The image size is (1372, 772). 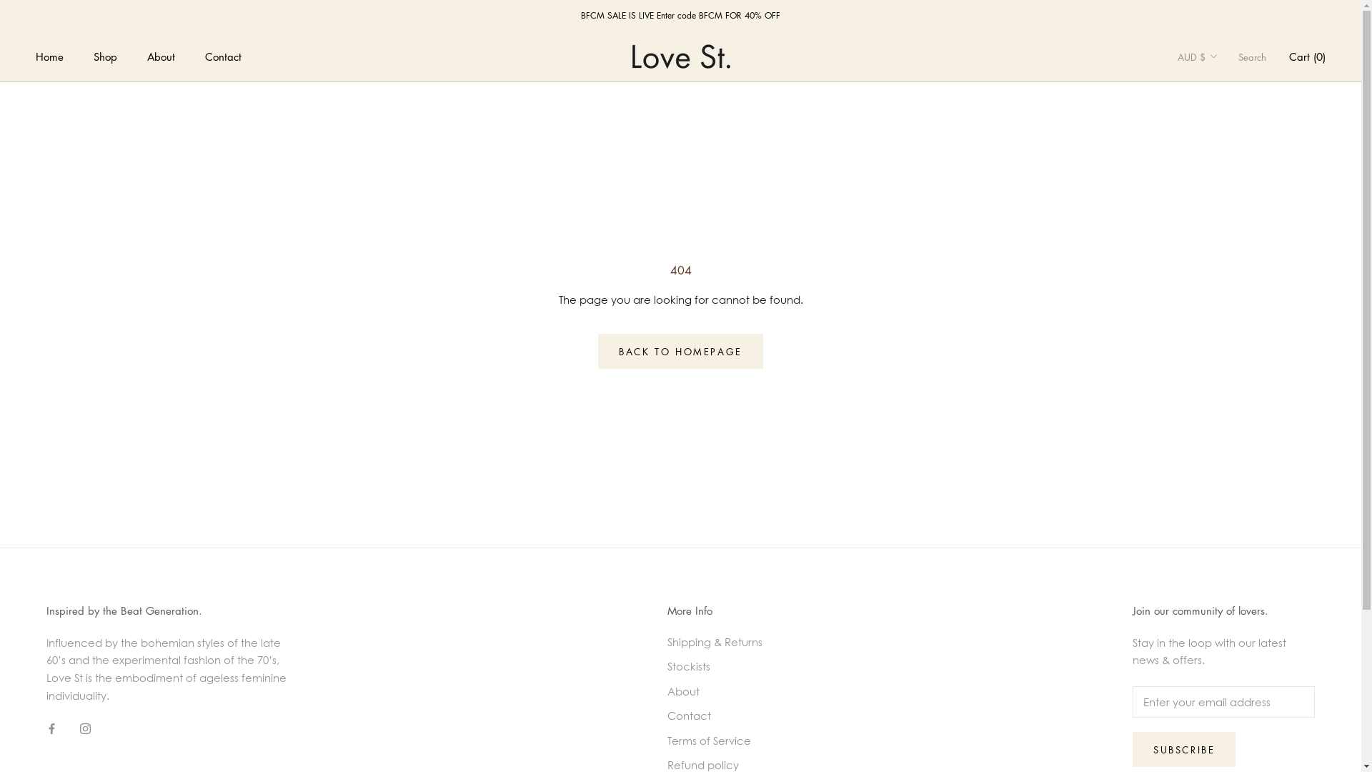 What do you see at coordinates (1220, 471) in the screenshot?
I see `'BZD'` at bounding box center [1220, 471].